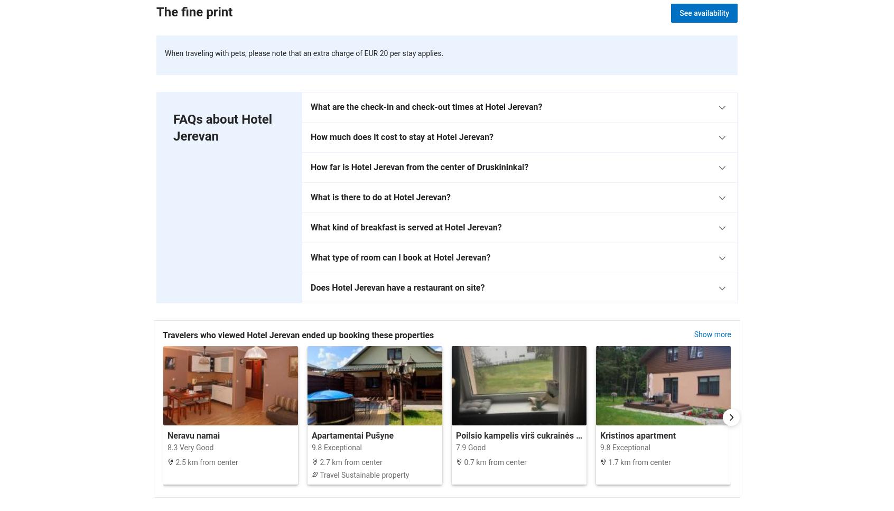 The width and height of the screenshot is (894, 511). Describe the element at coordinates (303, 52) in the screenshot. I see `'When traveling with pets, please note that an extra charge of EUR 20 per stay applies.'` at that location.